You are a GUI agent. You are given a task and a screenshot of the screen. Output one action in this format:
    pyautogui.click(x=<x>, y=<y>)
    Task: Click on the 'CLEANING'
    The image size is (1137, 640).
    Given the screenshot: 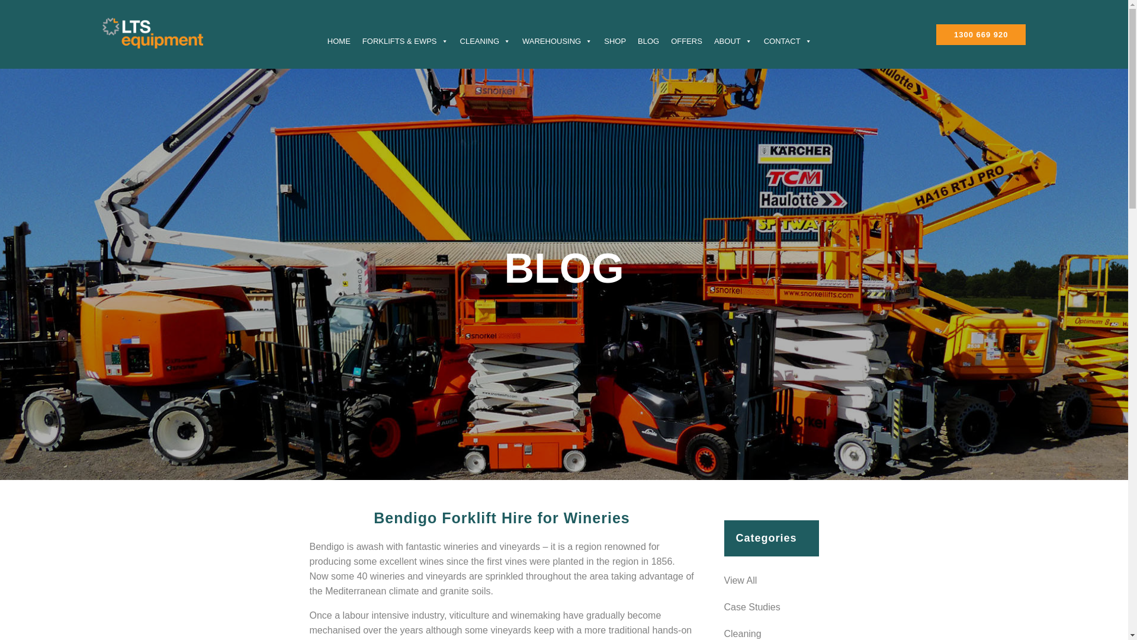 What is the action you would take?
    pyautogui.click(x=485, y=40)
    